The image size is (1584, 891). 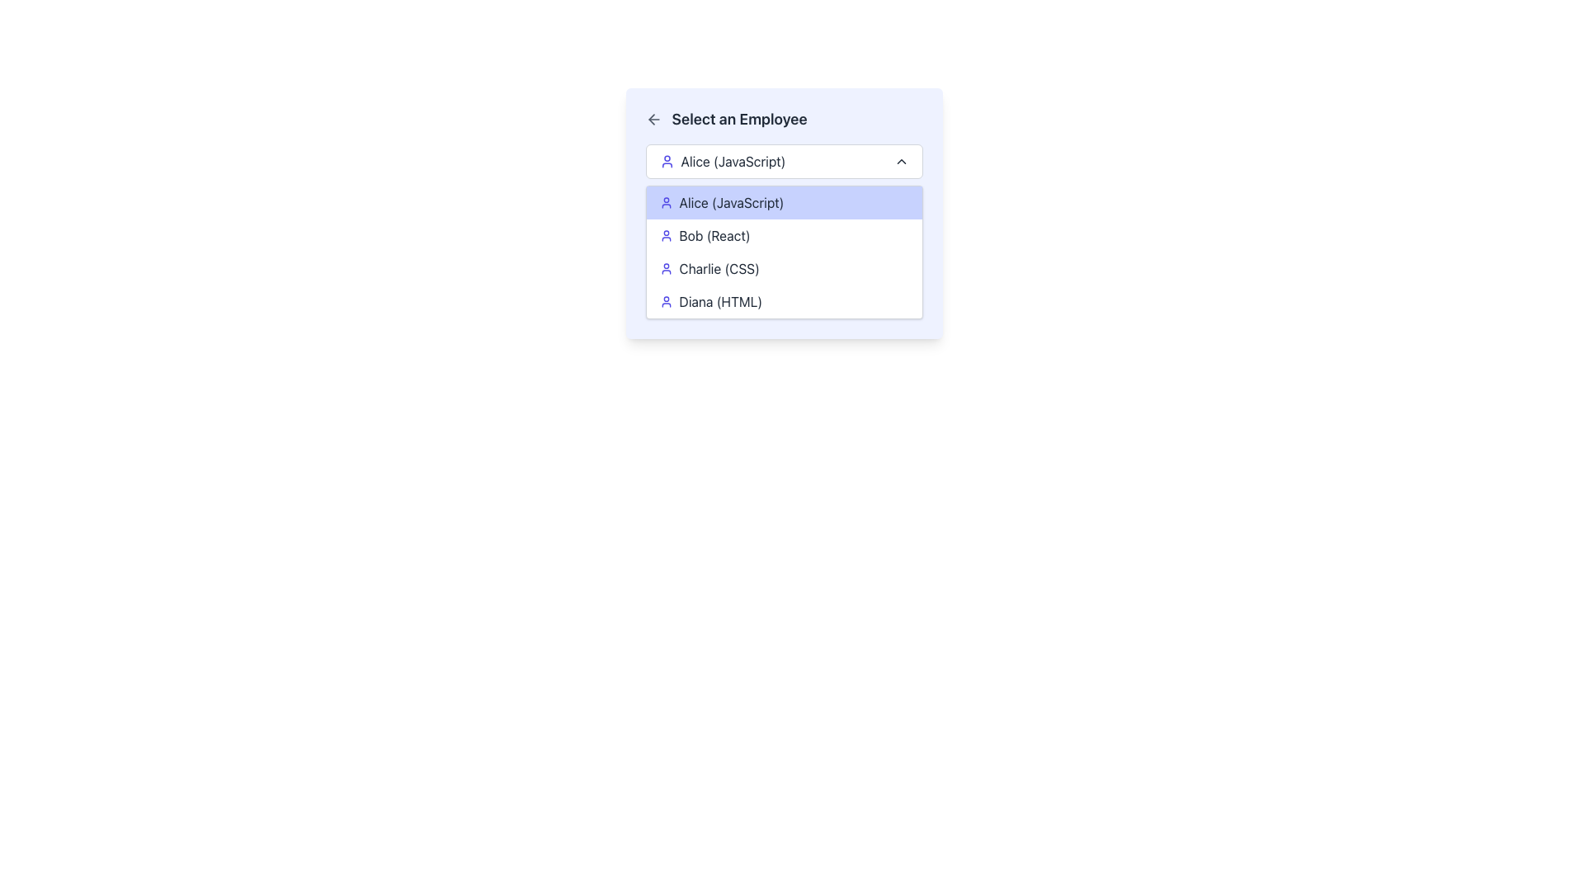 What do you see at coordinates (783, 162) in the screenshot?
I see `the dropdown selection box labeled 'Select an Employee'` at bounding box center [783, 162].